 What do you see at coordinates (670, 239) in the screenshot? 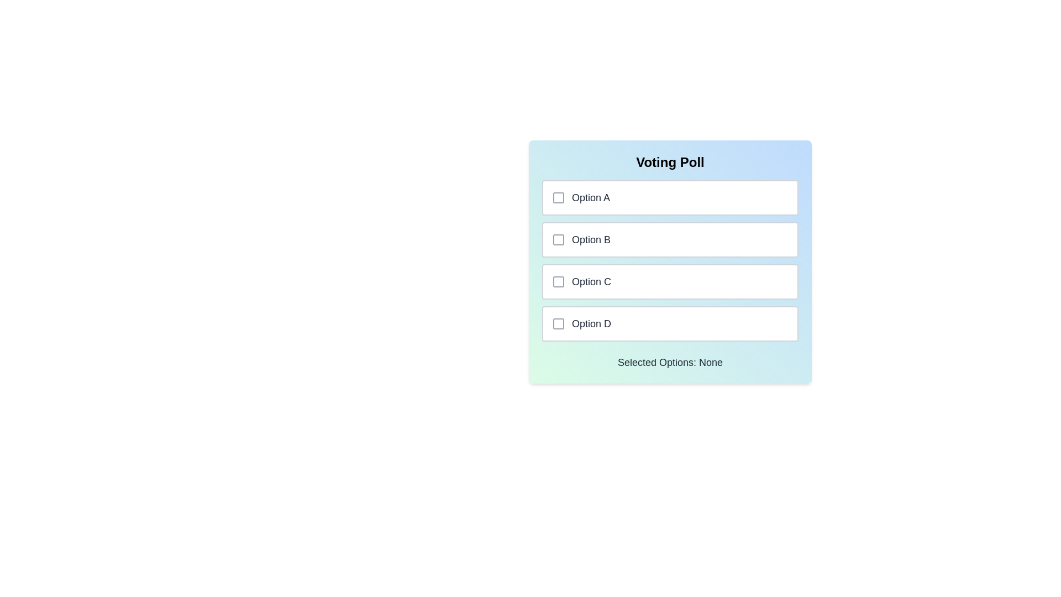
I see `the option Option B to toggle its selection` at bounding box center [670, 239].